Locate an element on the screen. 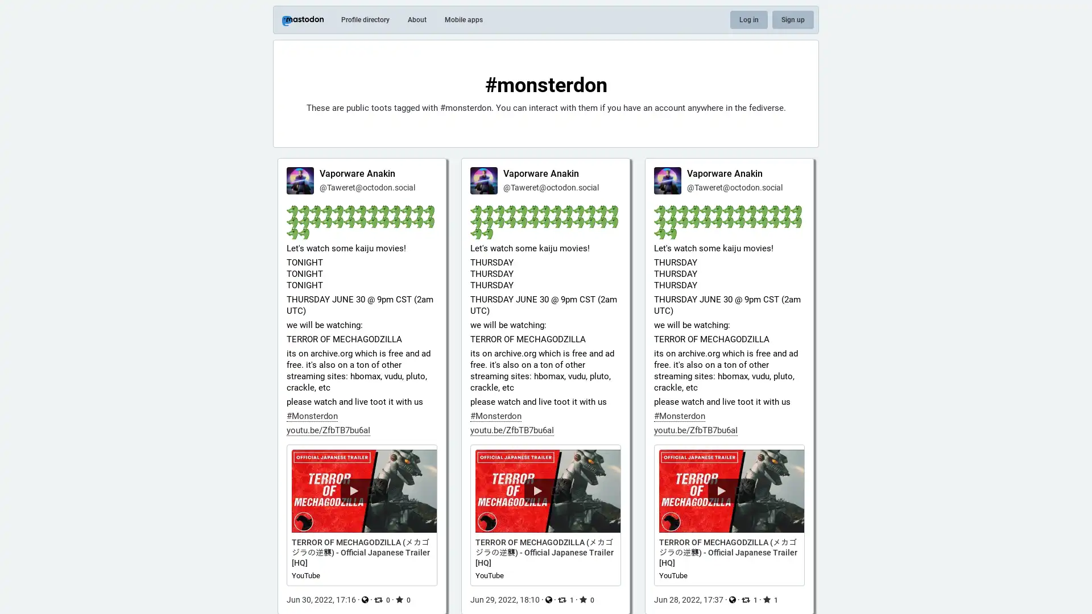  TERROR OF MECHAGODZILLA () - Official Japanese Trailer [HQ] YouTube is located at coordinates (545, 516).